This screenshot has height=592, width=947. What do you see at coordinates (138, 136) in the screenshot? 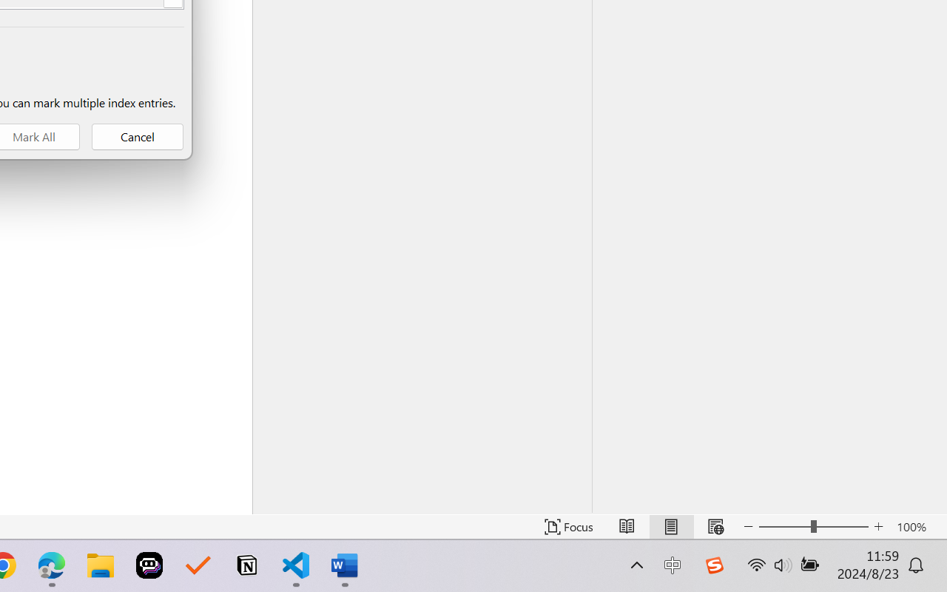
I see `'Cancel'` at bounding box center [138, 136].